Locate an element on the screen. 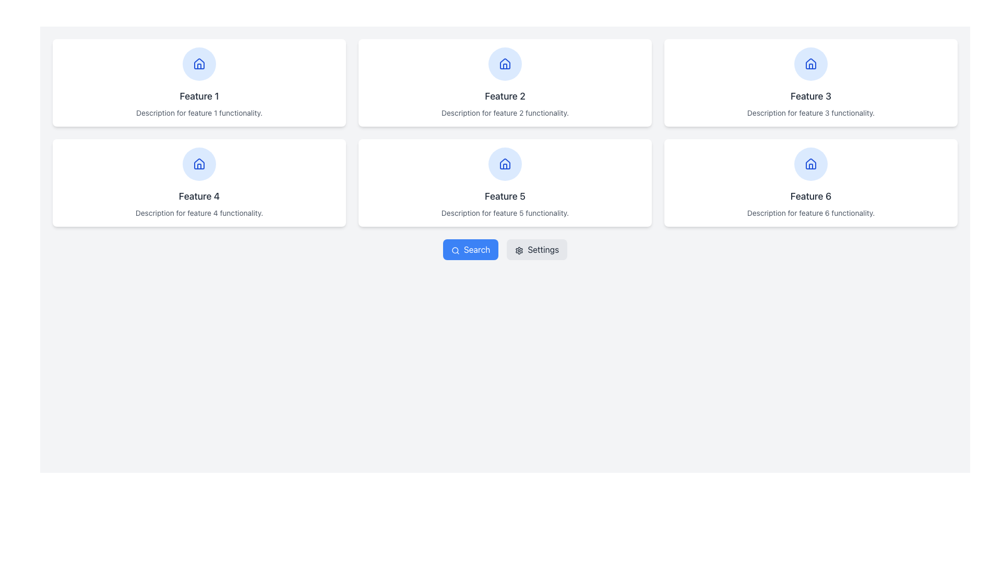 This screenshot has width=1002, height=563. text block styled in a small, centered font with gray color that reads 'Description for feature 2 functionality,' located at the lower part of the card labeled 'Feature 2.' is located at coordinates (505, 113).